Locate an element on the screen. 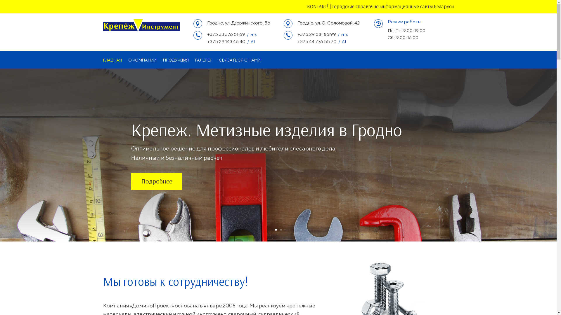 This screenshot has height=315, width=561. '+375 29 143 46 40' is located at coordinates (226, 41).